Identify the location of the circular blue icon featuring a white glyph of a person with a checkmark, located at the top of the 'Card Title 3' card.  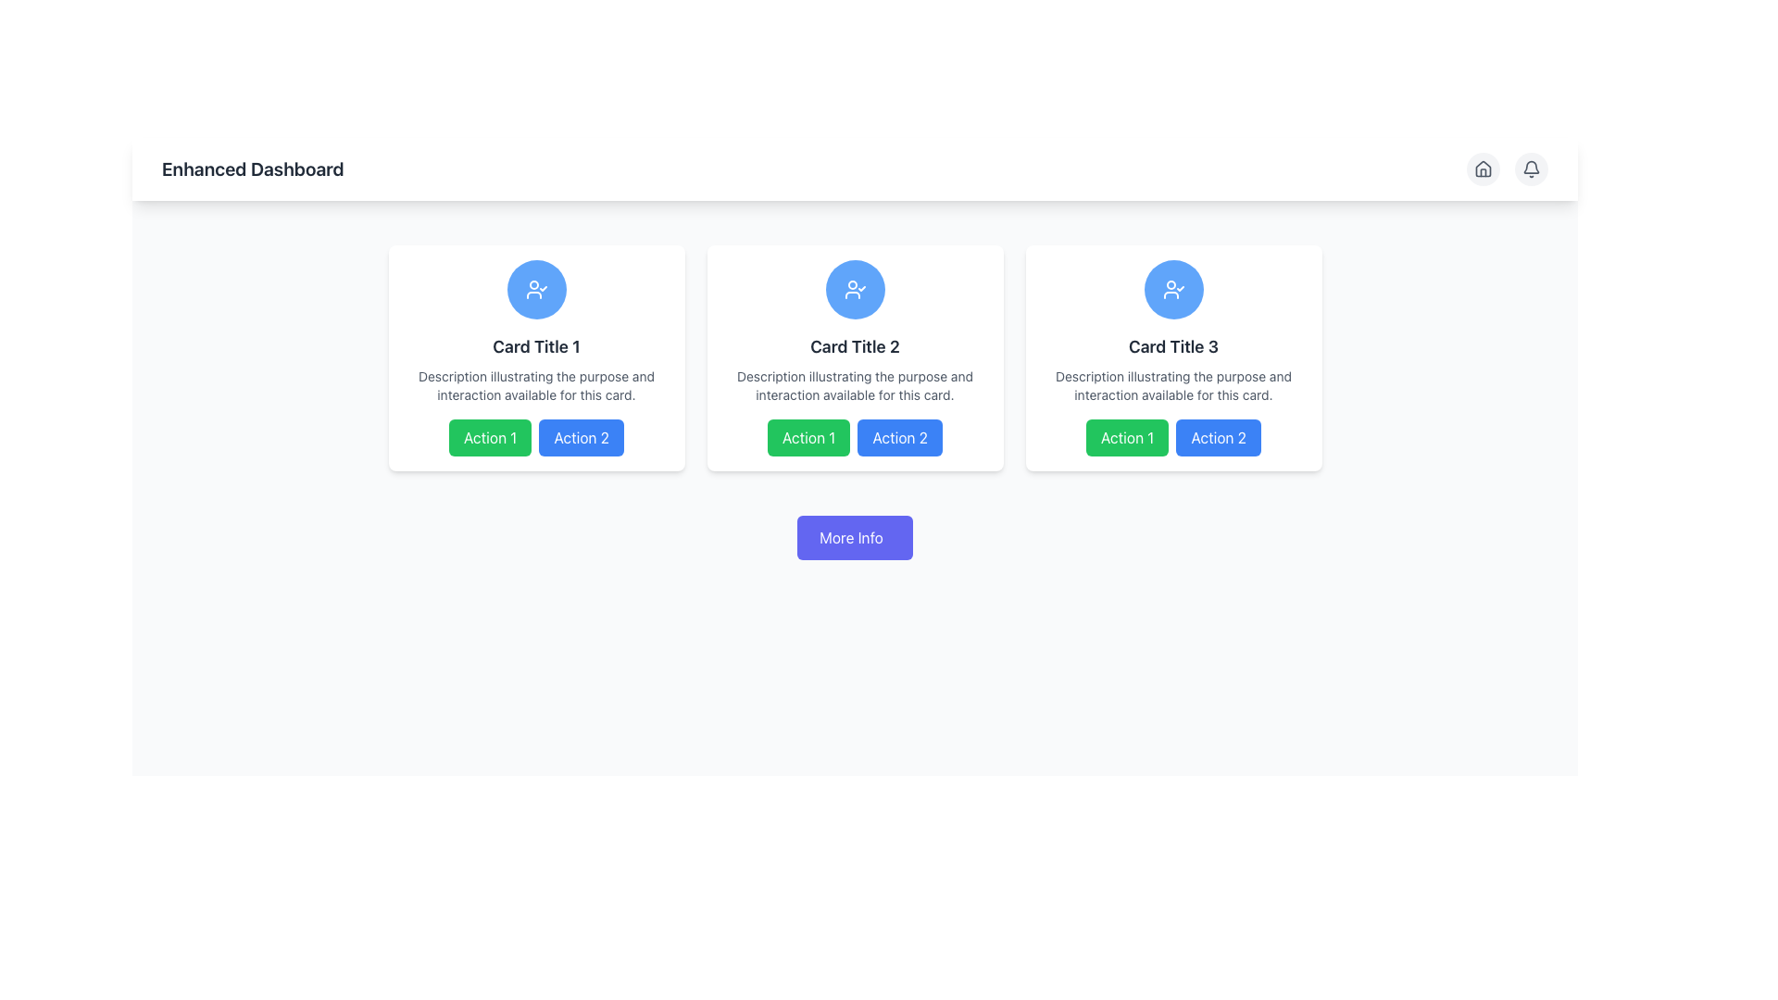
(1172, 289).